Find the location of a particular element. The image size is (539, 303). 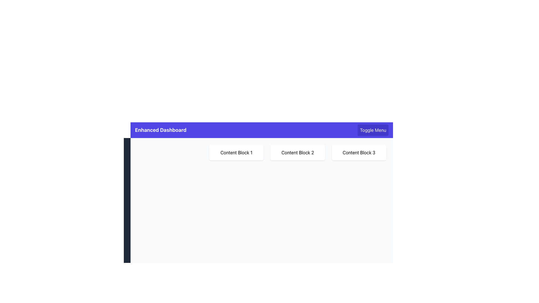

the content block labeled 'Content Block 2' which is a rectangular block with a white background and rounded corners, positioned centrally between 'Content Block 1' and 'Content Block 3' is located at coordinates (297, 152).